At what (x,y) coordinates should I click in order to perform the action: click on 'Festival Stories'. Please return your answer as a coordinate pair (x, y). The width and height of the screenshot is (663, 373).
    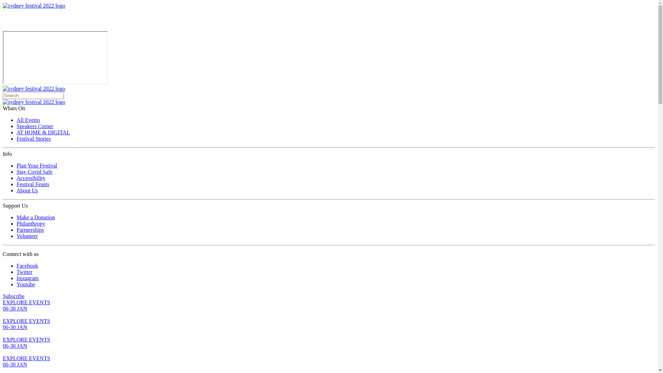
    Looking at the image, I should click on (33, 138).